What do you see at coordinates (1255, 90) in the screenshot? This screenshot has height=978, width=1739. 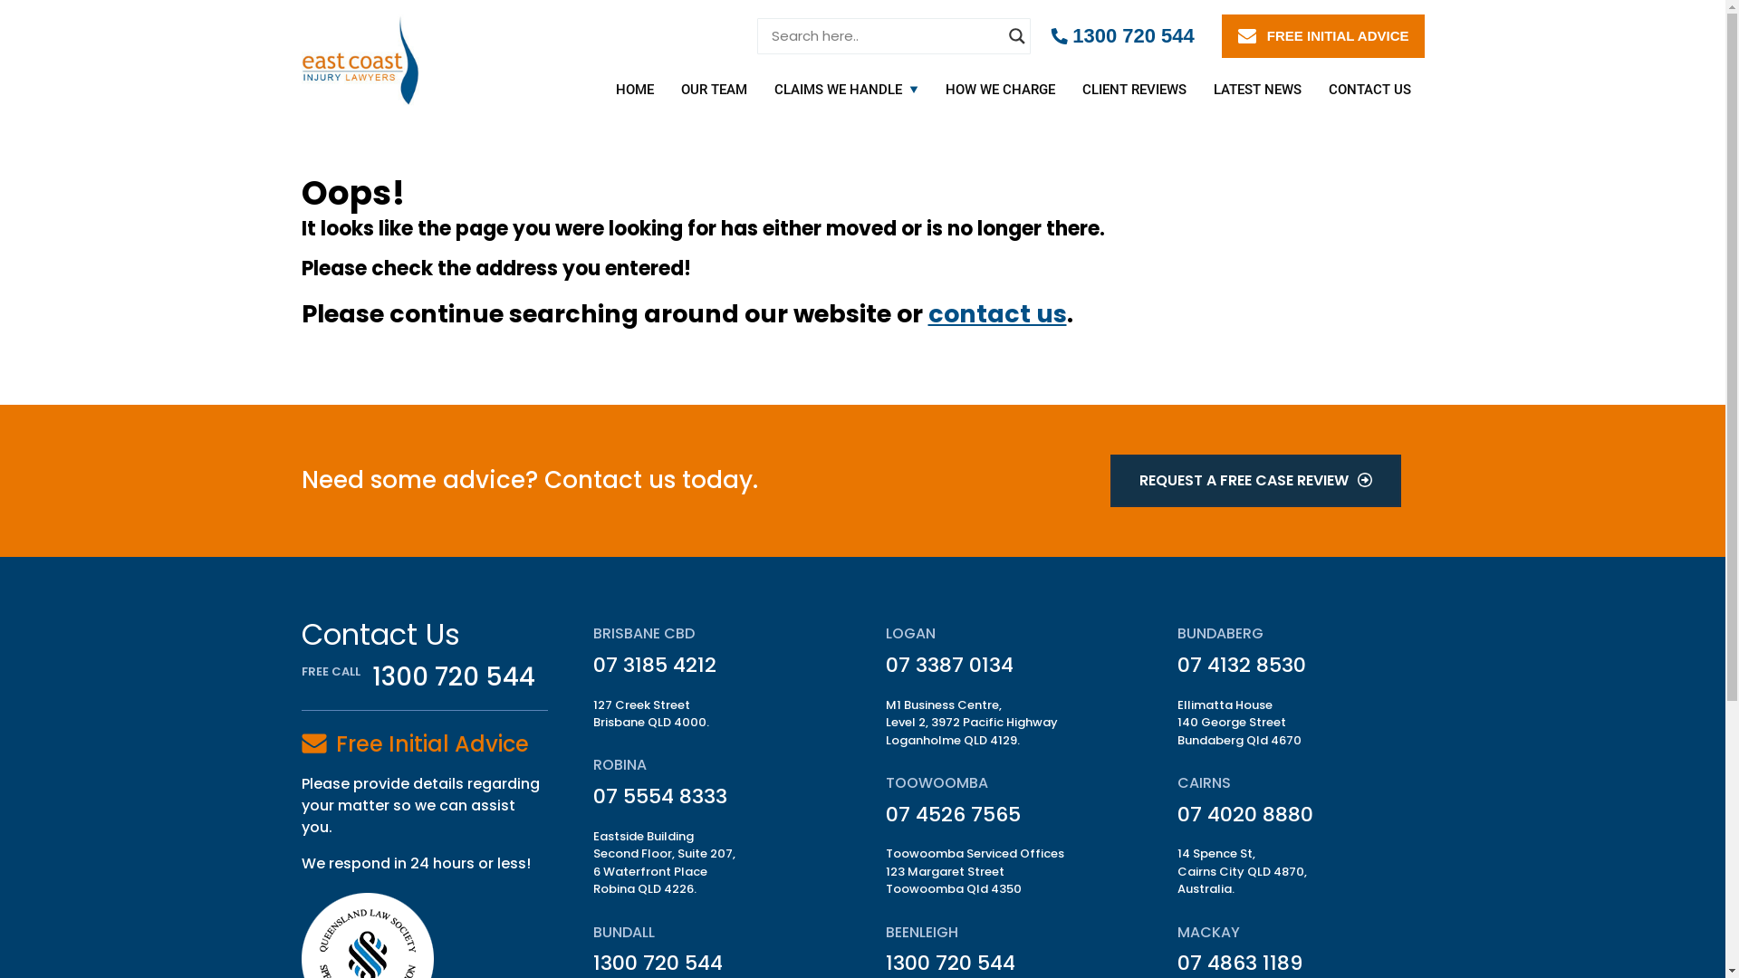 I see `'LATEST NEWS'` at bounding box center [1255, 90].